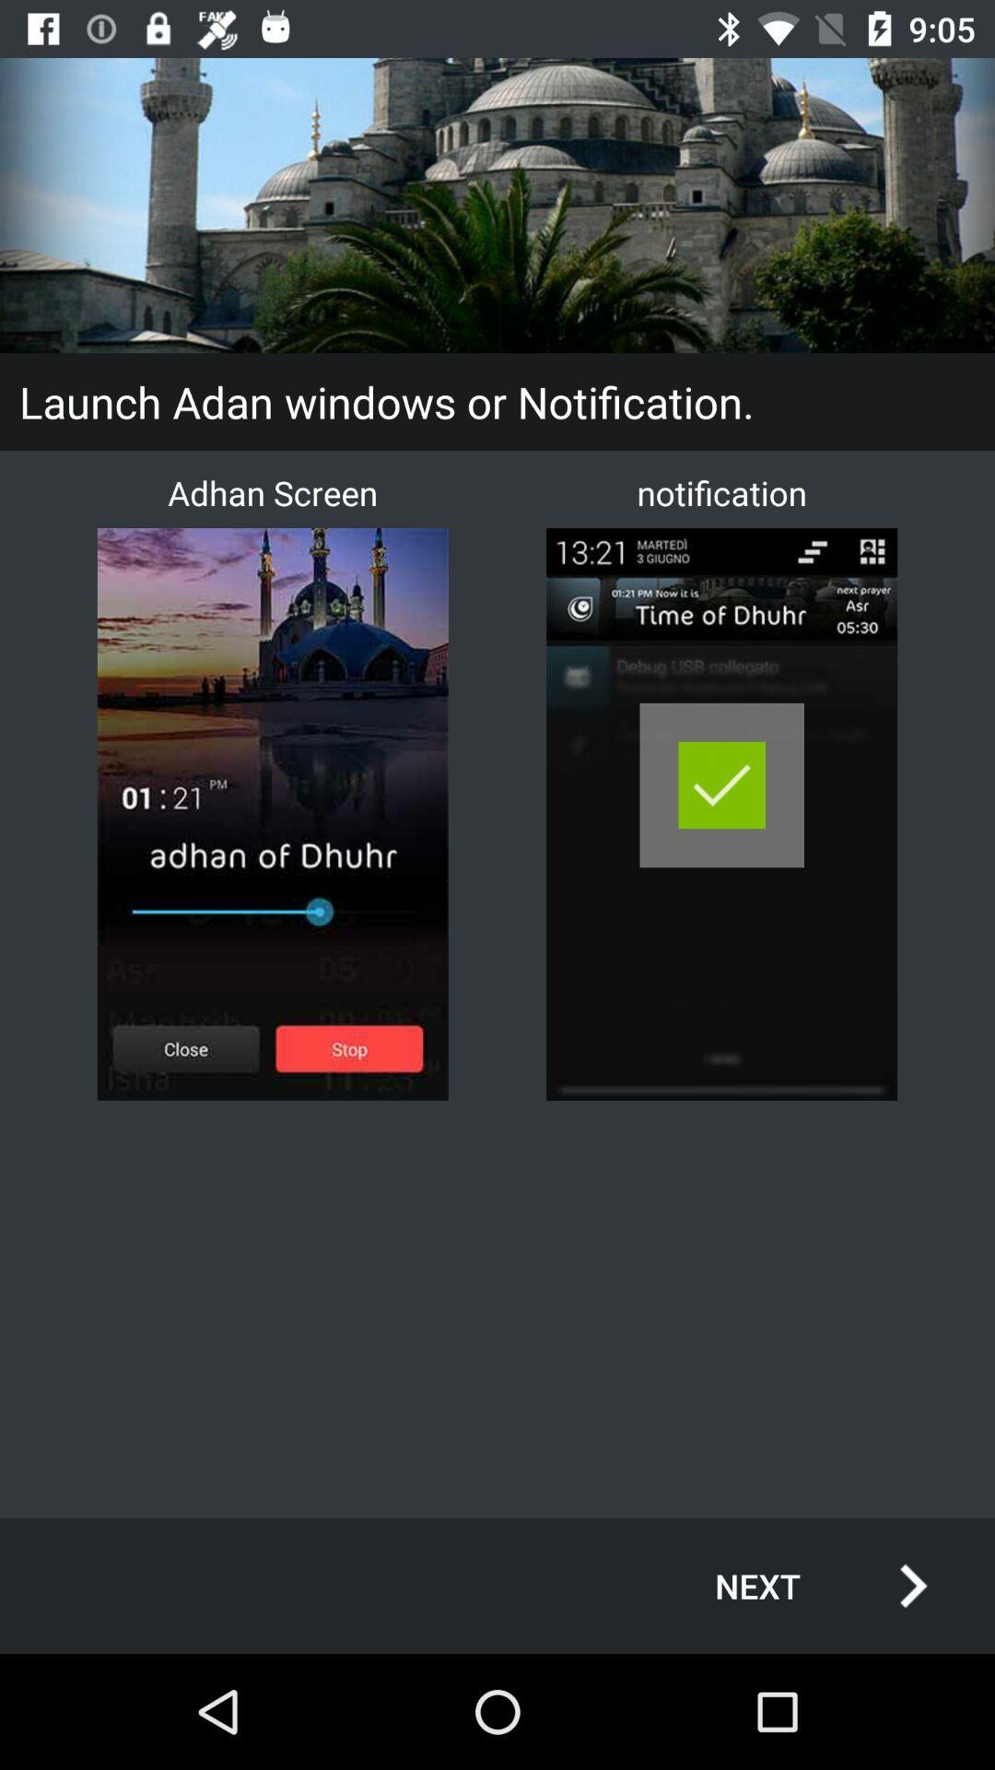 The height and width of the screenshot is (1770, 995). I want to click on icon at the bottom right corner, so click(801, 1585).